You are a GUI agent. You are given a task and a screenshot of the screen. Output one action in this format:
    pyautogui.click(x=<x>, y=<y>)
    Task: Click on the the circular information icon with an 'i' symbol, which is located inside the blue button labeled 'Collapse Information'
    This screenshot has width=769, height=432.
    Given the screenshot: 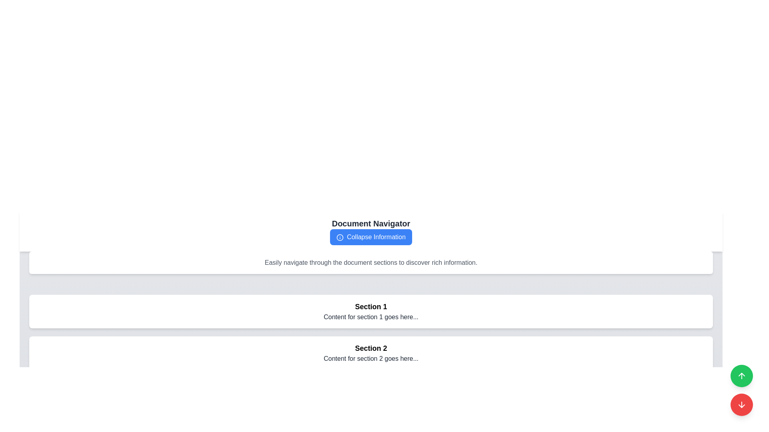 What is the action you would take?
    pyautogui.click(x=340, y=237)
    